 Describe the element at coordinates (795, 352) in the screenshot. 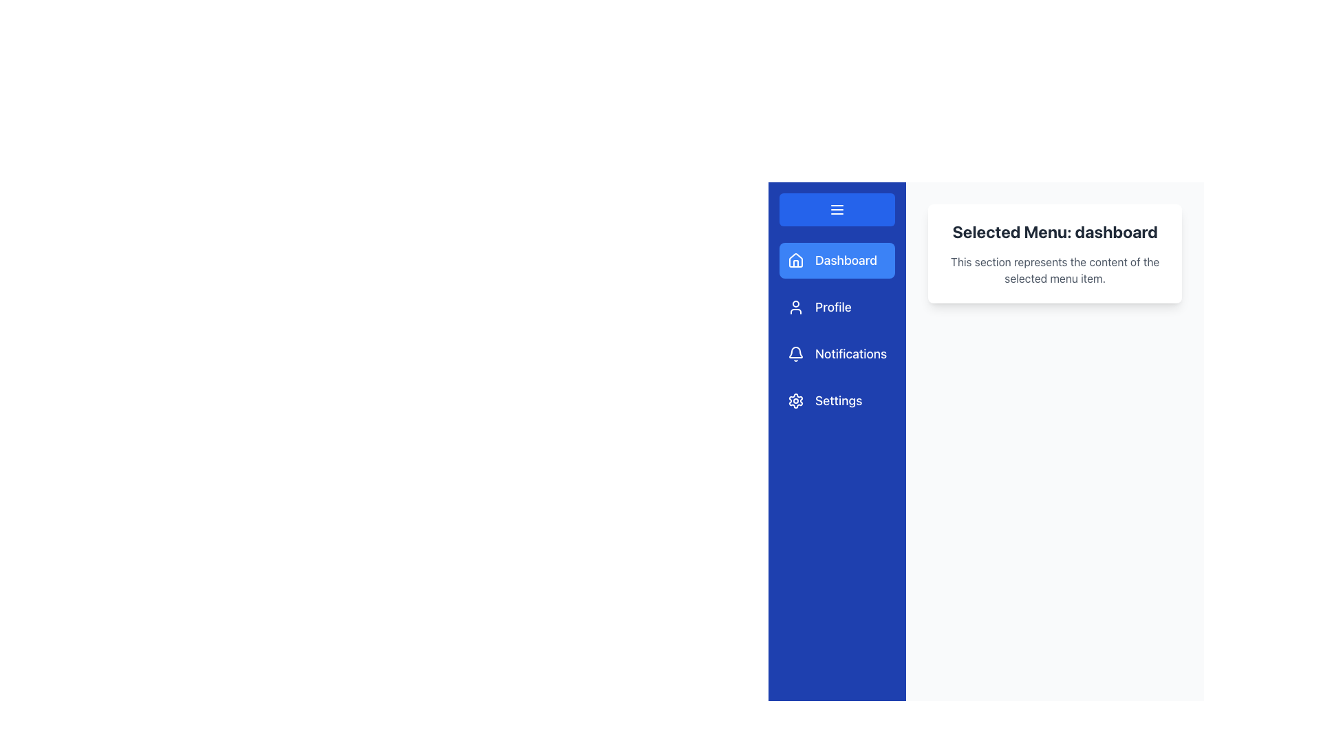

I see `the notification icon, which is a bell icon located in the blue sidebar near the 'Notifications' label` at that location.